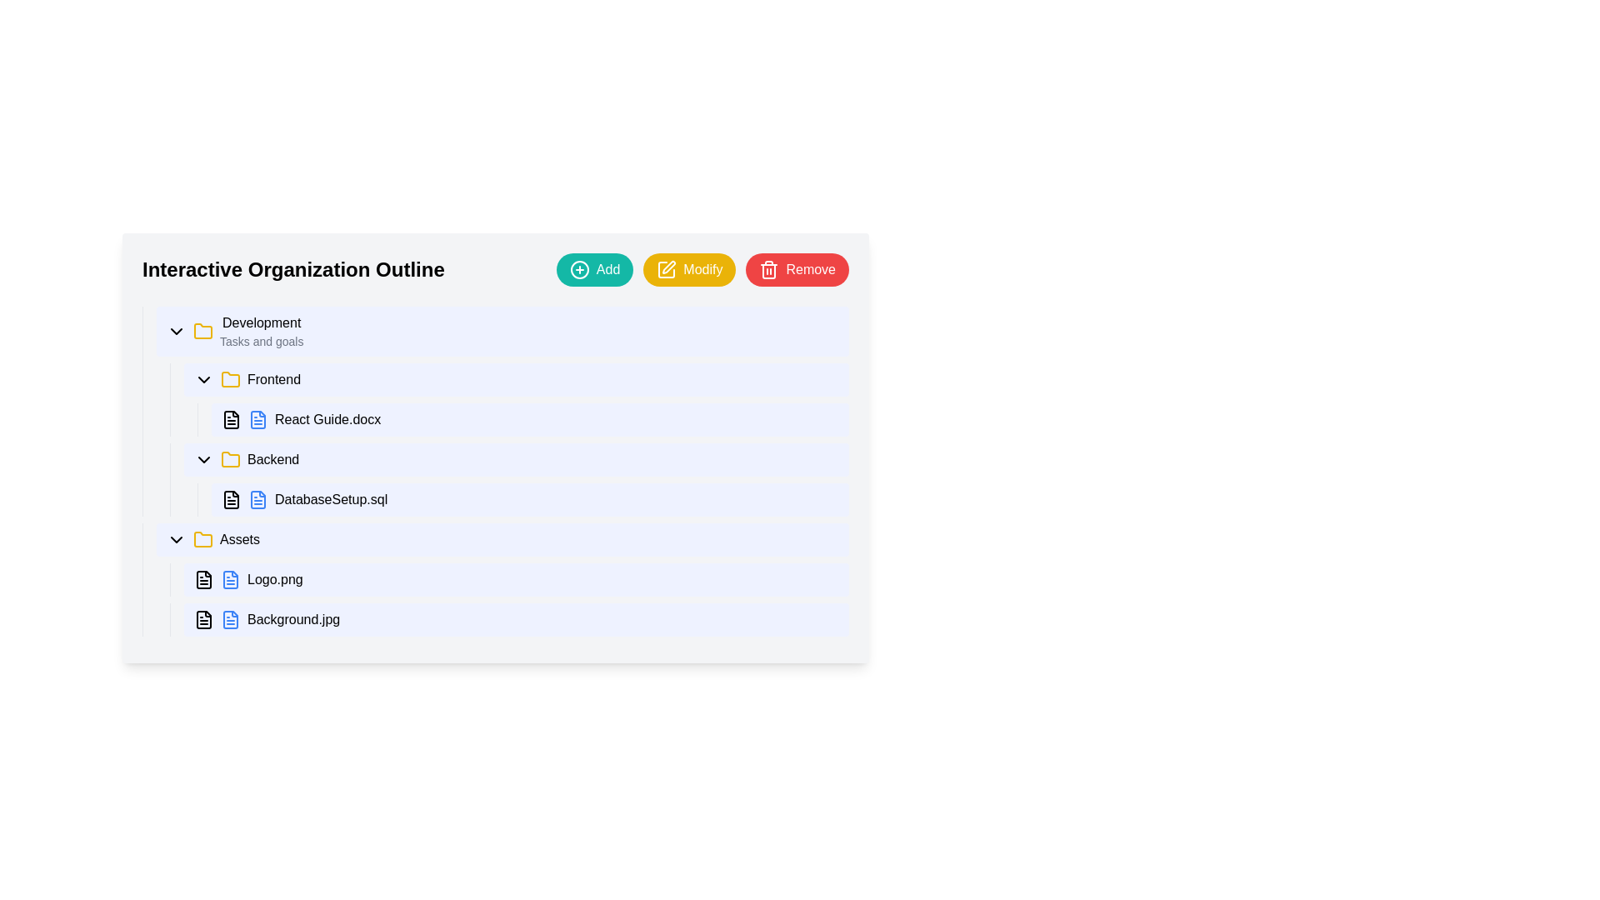 Image resolution: width=1600 pixels, height=900 pixels. What do you see at coordinates (327, 419) in the screenshot?
I see `the text label displaying the filename 'React Guide.docx' located in the 'Frontend' subsection of the 'Development' folder` at bounding box center [327, 419].